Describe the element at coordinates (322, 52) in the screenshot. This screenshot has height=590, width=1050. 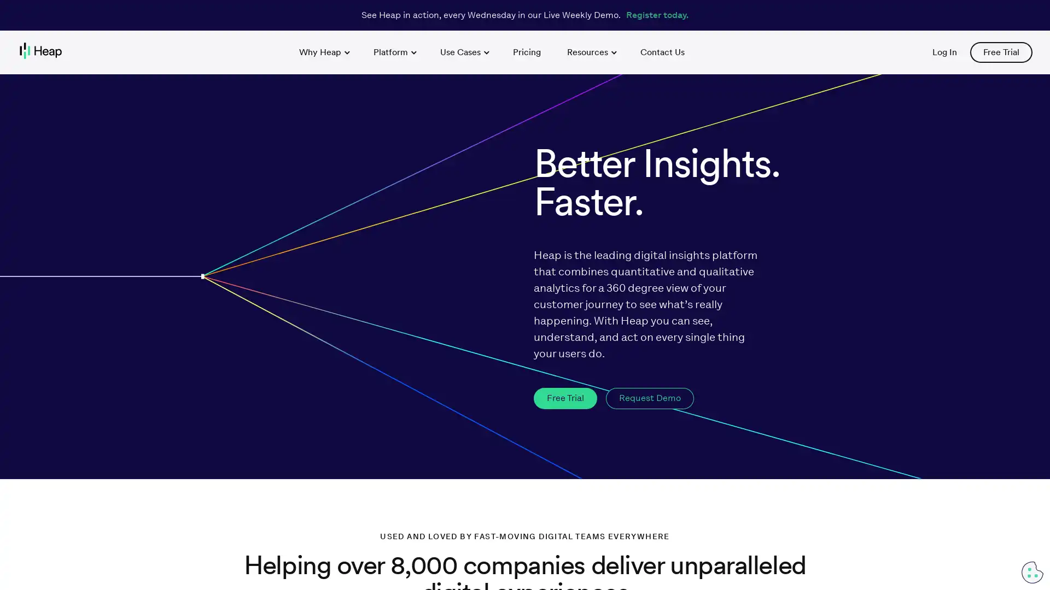
I see `Why Heap` at that location.